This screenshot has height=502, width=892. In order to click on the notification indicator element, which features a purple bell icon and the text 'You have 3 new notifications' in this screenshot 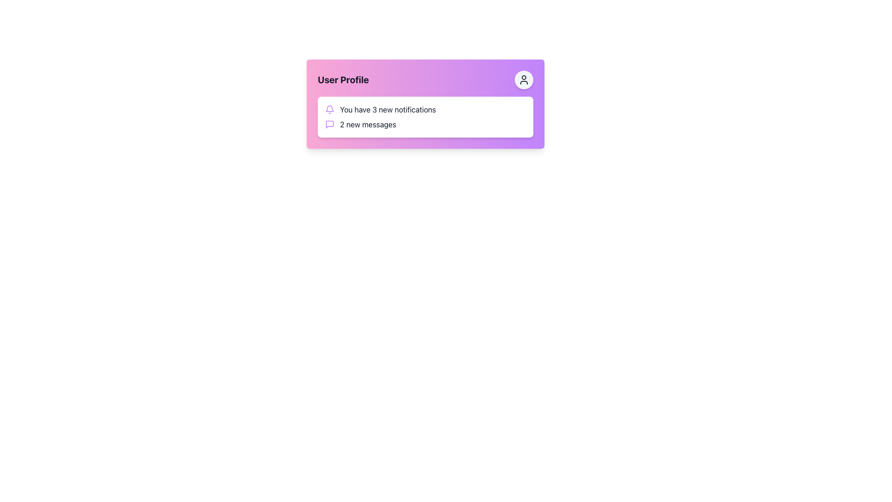, I will do `click(425, 109)`.